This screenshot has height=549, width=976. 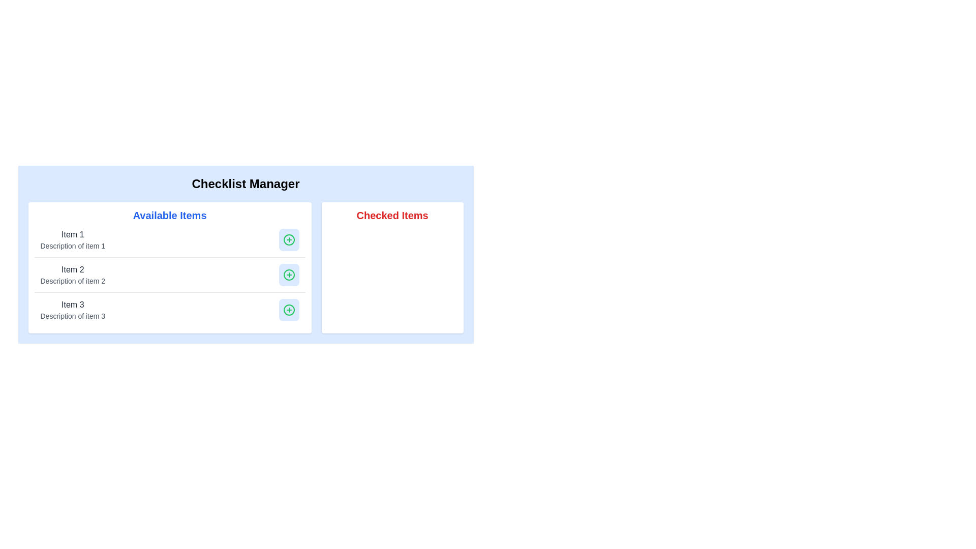 I want to click on the text label or list item element that displays 'Item 2' and 'Description of item 2', which is the second item in the list of 'Available Items', so click(x=72, y=274).